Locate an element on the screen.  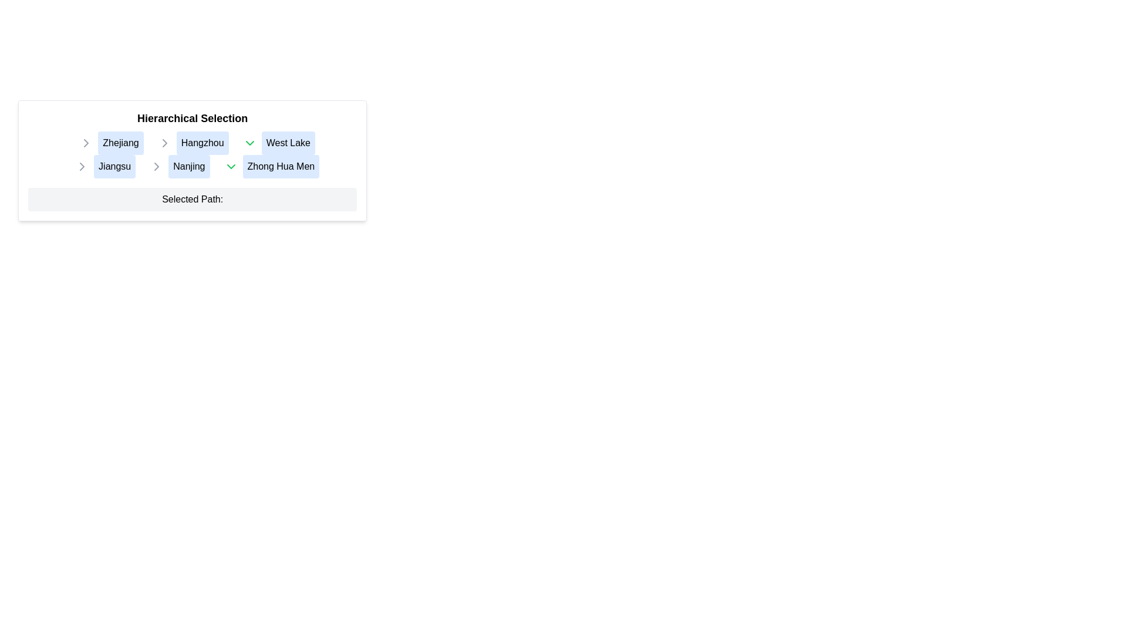
the Right Arrow Icon, which is a small gray chevron styled as a clean vector graphic design, located within the group labeled 'Nanjing Zhong Hua Men' before the text 'Nanjing' is located at coordinates (156, 167).